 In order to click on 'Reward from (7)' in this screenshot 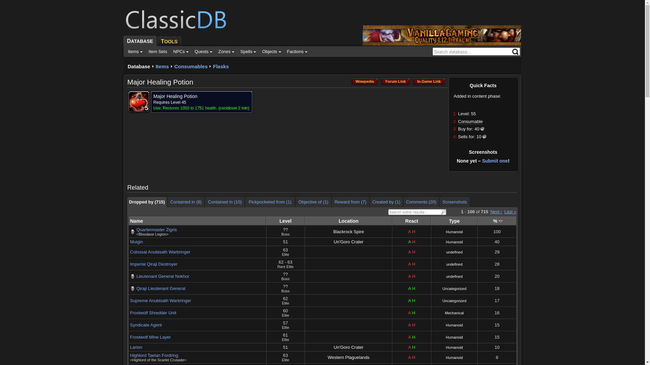, I will do `click(350, 201)`.